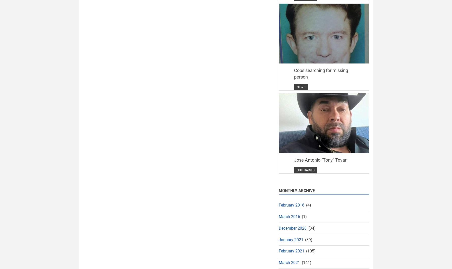  I want to click on 'Obituaries', so click(305, 170).